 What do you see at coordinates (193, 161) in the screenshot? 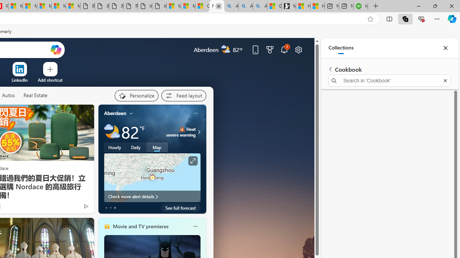
I see `'Click to see more information'` at bounding box center [193, 161].